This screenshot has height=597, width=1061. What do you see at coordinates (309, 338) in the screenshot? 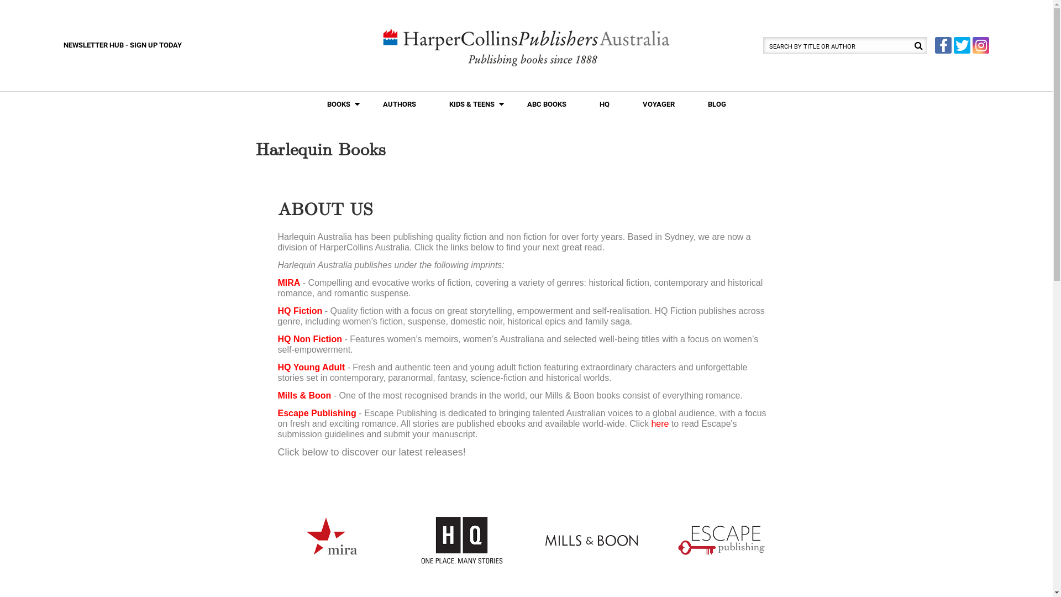
I see `'HQ Non Fiction'` at bounding box center [309, 338].